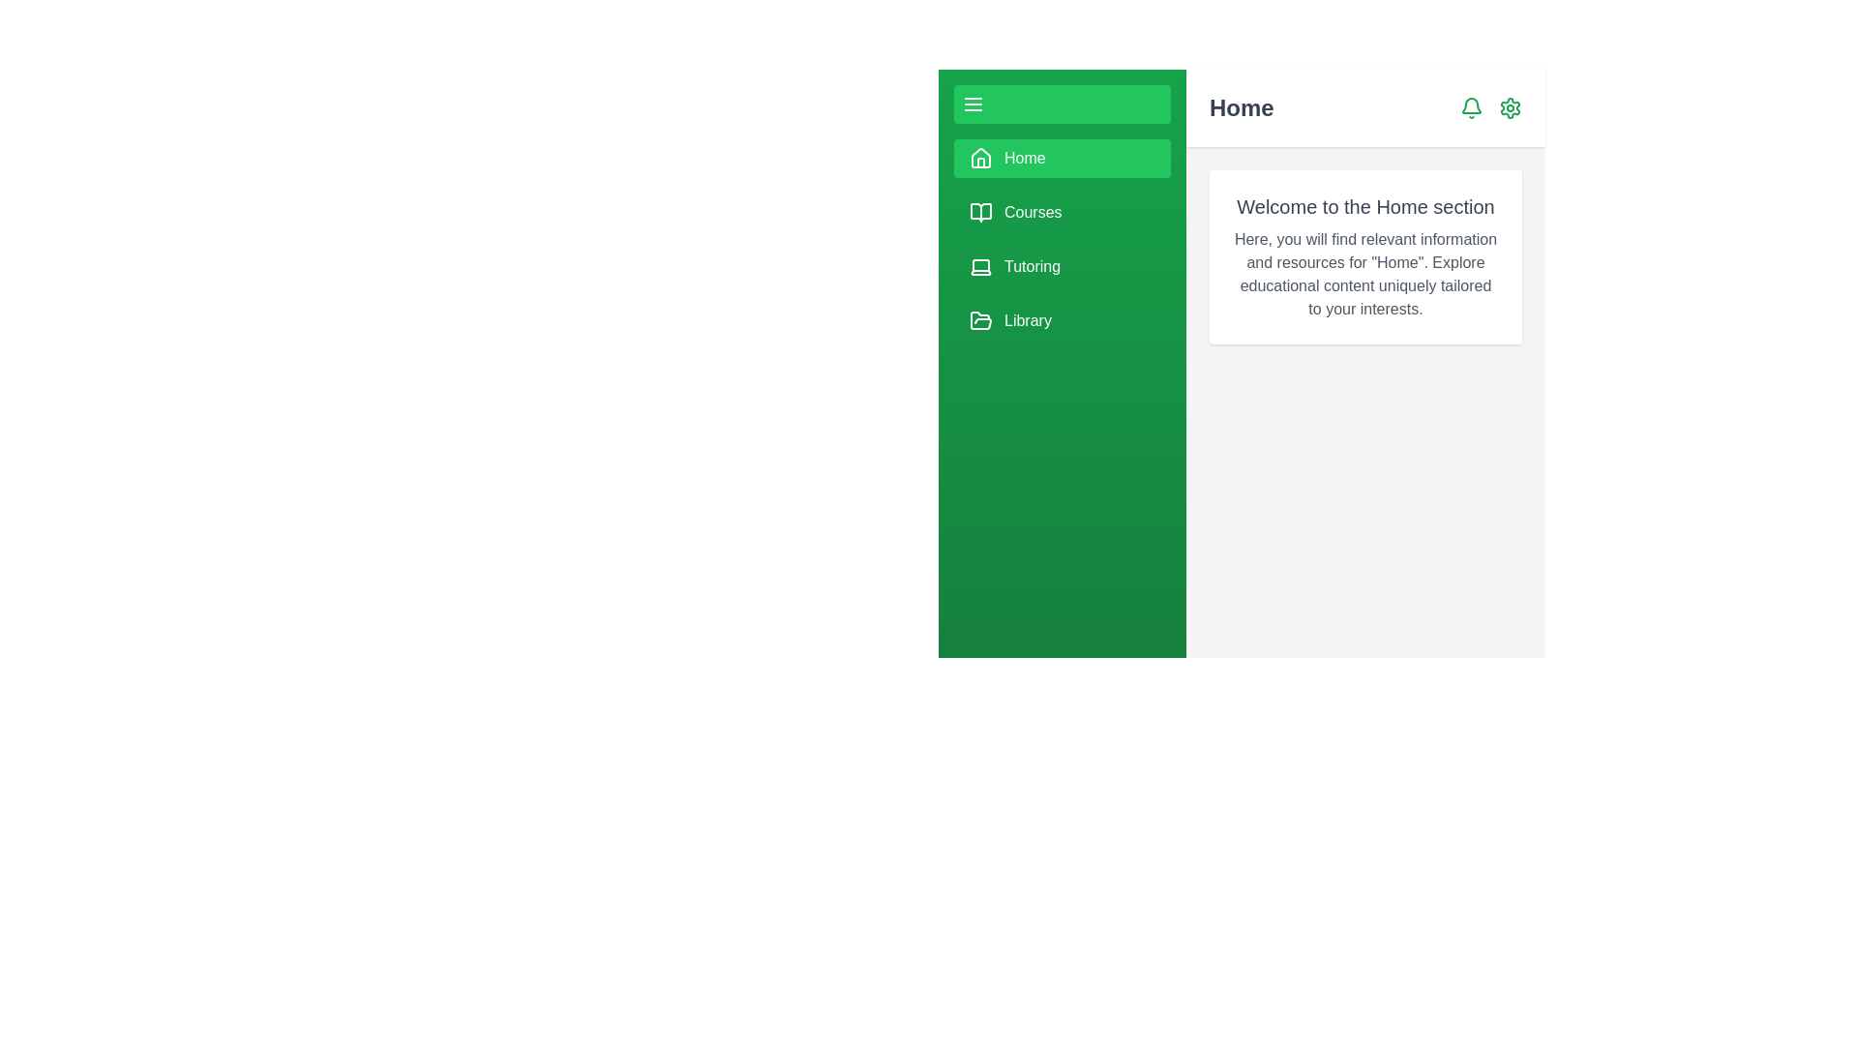 Image resolution: width=1858 pixels, height=1045 pixels. Describe the element at coordinates (1509, 107) in the screenshot. I see `the cogwheel SVG icon in the top-right corner of the interface` at that location.